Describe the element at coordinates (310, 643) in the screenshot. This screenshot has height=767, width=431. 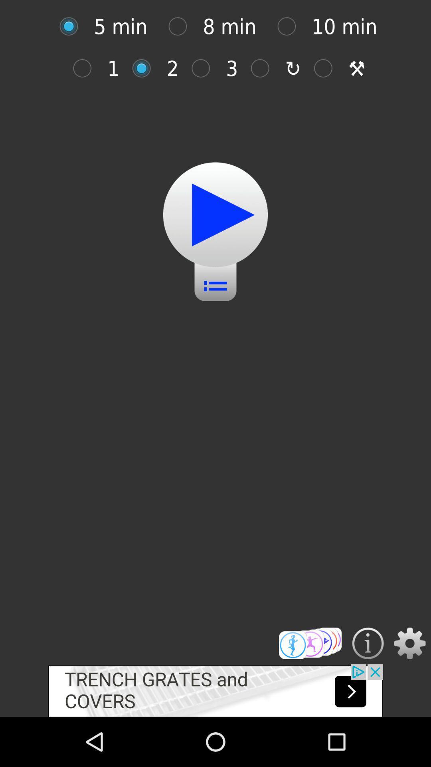
I see `more options` at that location.